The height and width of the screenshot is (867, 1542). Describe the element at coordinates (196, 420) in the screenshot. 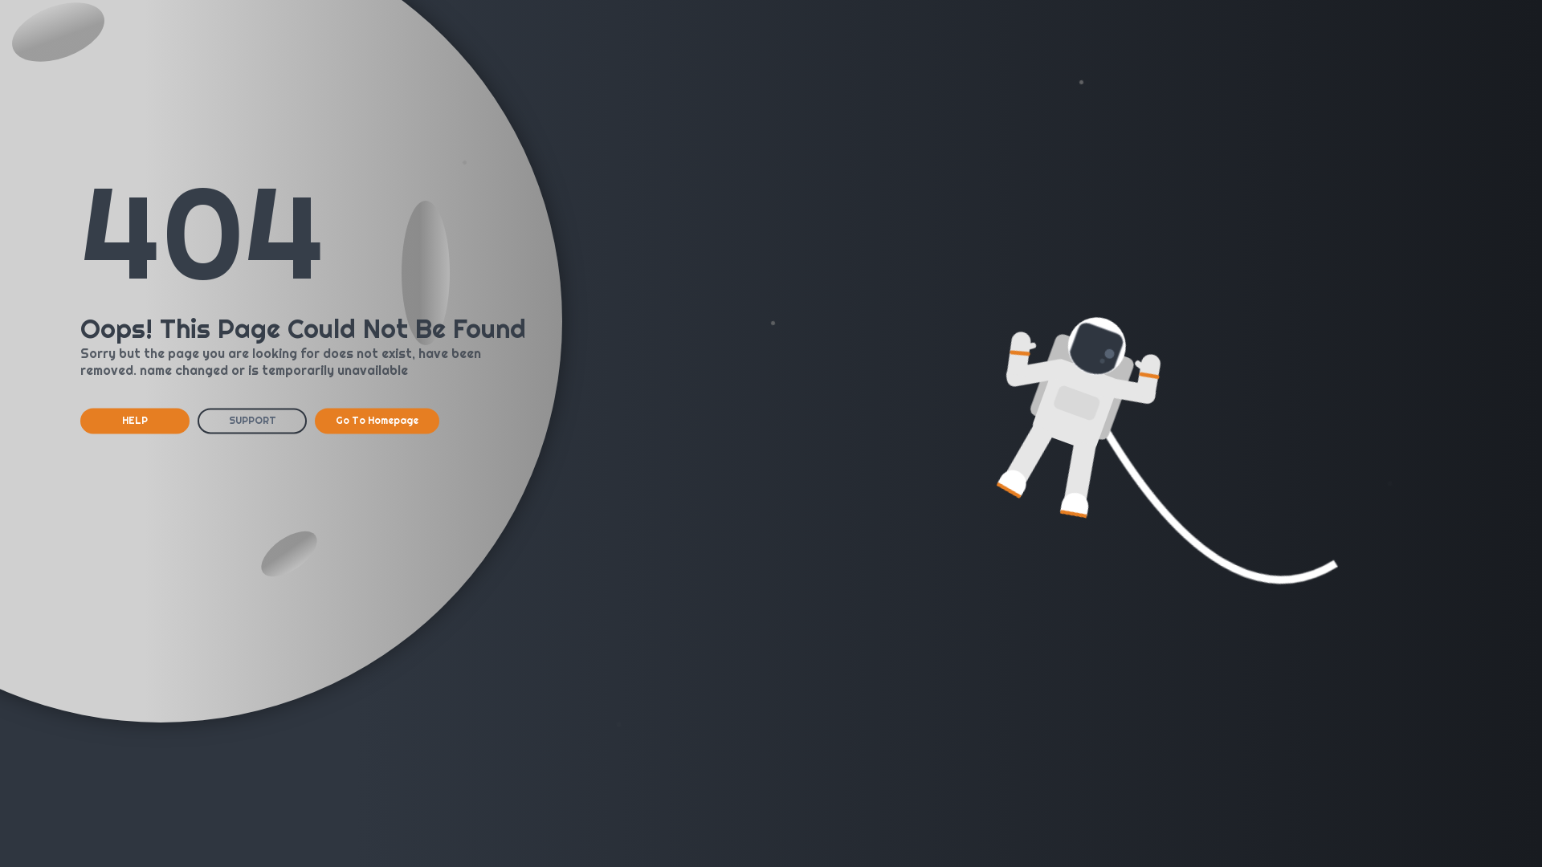

I see `'SUPPORT'` at that location.